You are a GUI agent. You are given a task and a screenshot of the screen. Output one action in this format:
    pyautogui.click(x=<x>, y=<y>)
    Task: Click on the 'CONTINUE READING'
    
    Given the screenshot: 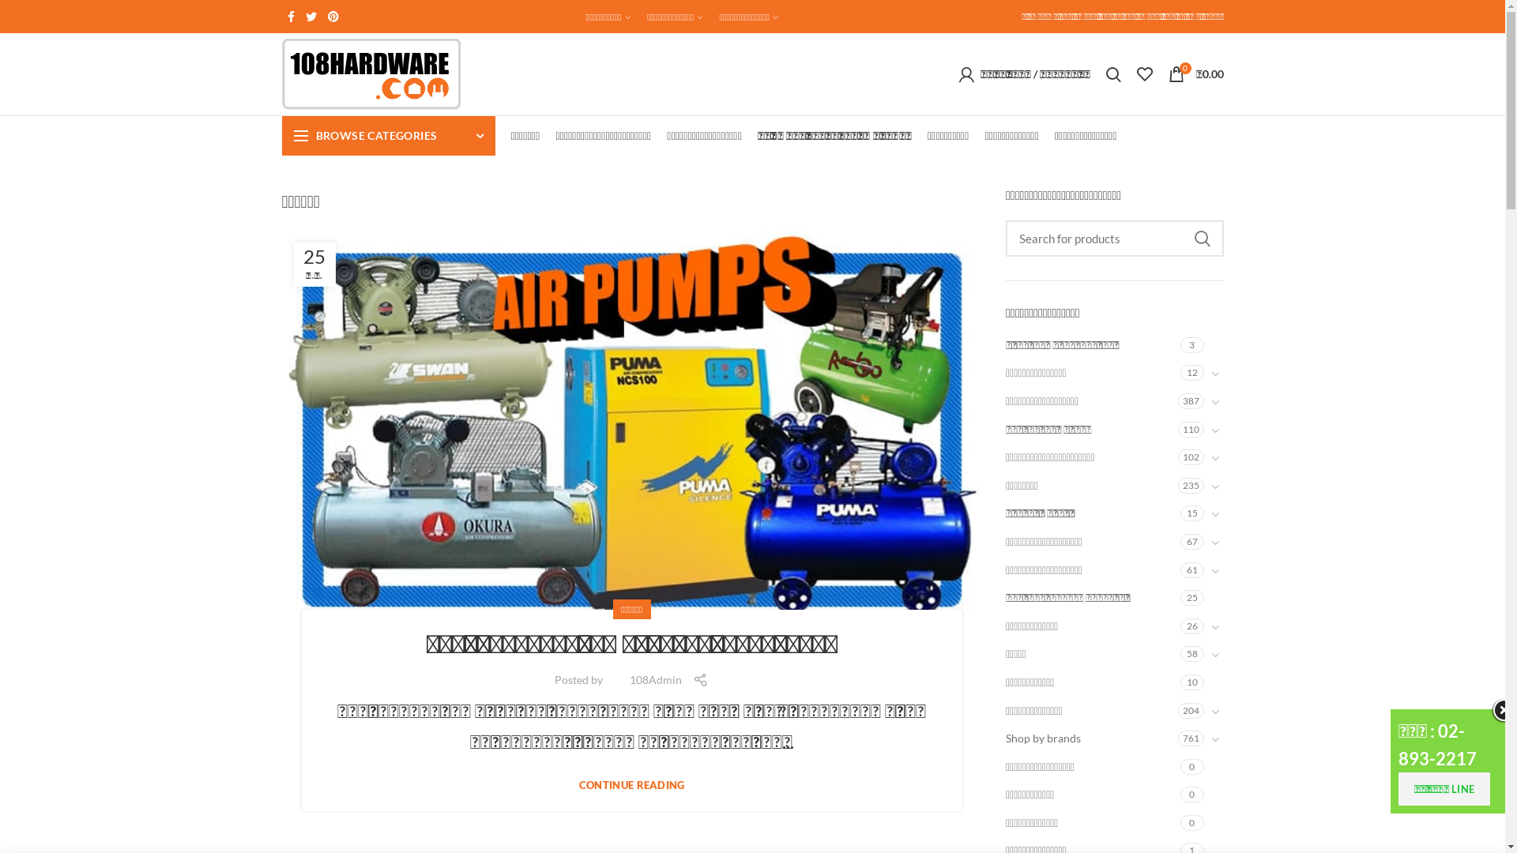 What is the action you would take?
    pyautogui.click(x=578, y=785)
    